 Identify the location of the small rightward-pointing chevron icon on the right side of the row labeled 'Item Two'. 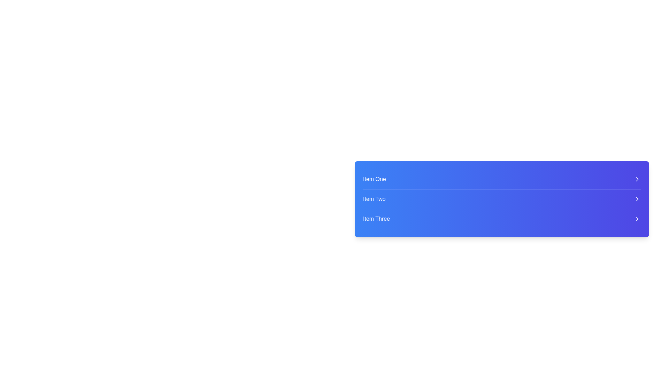
(637, 199).